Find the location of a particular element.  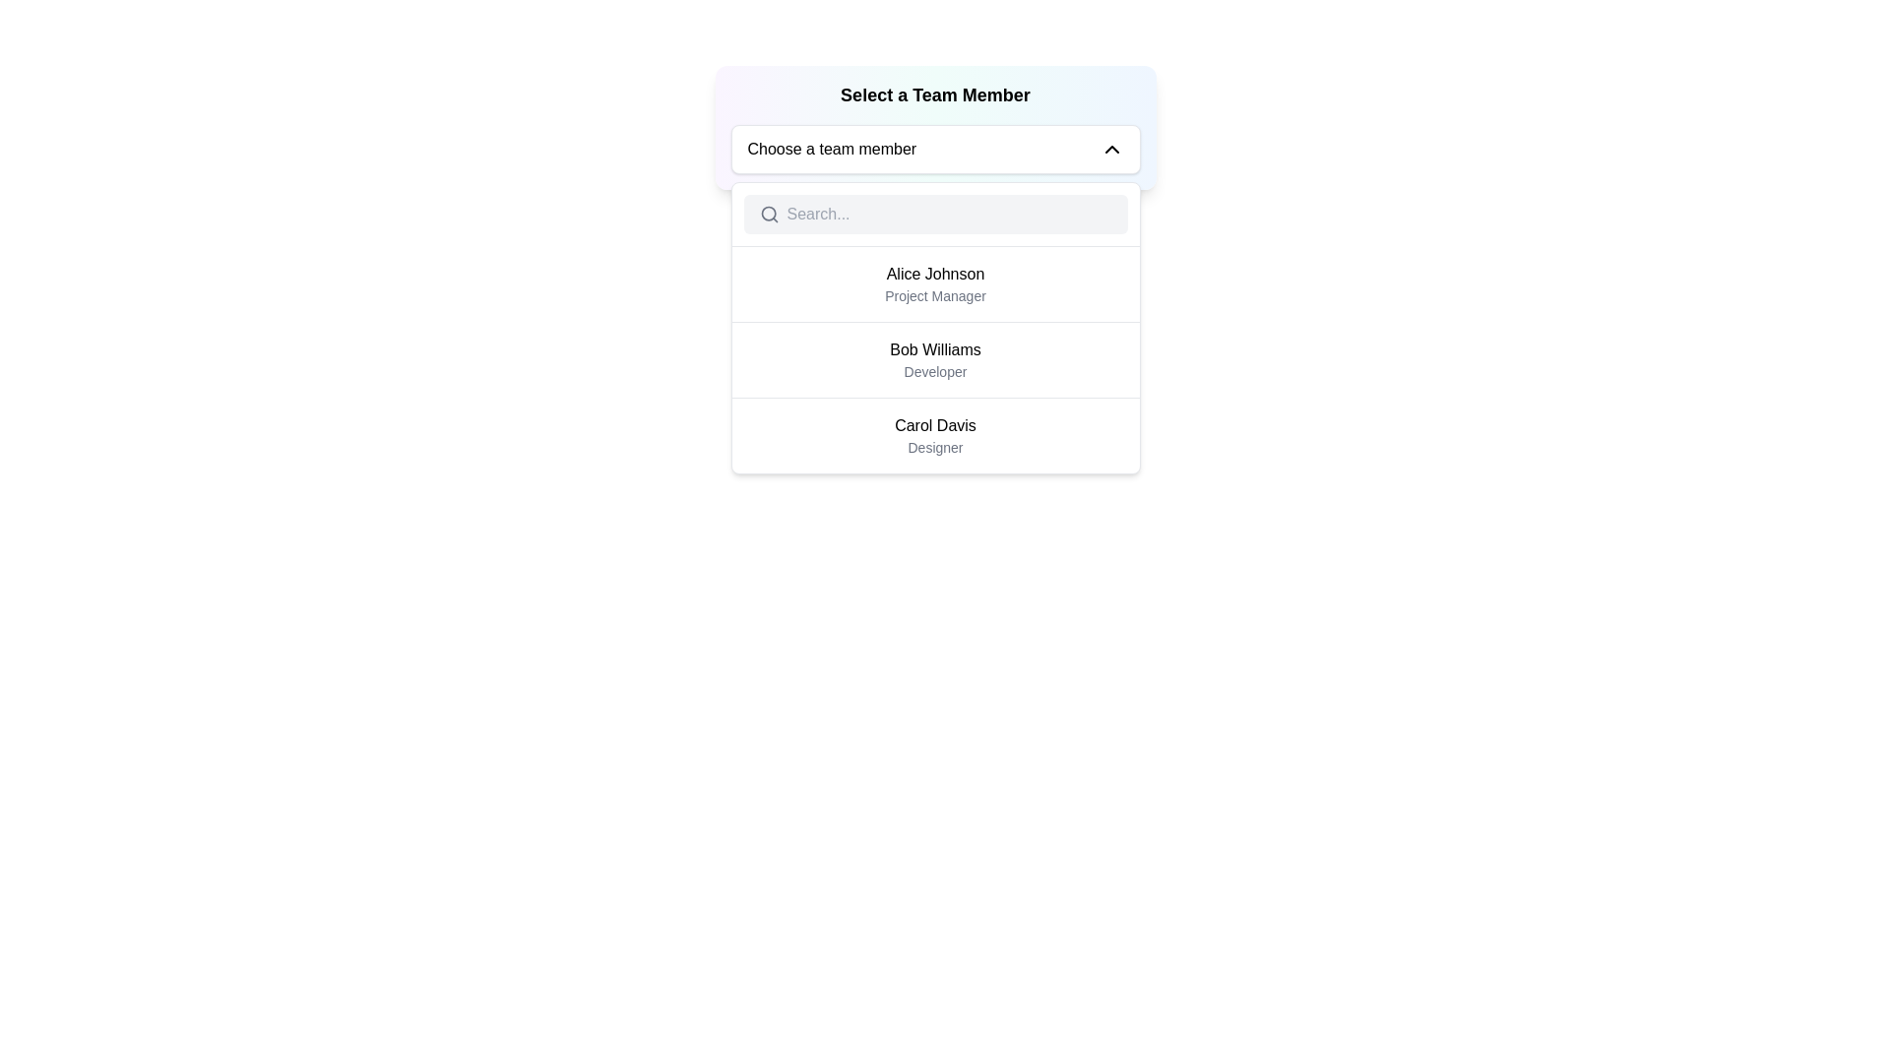

the dropdown menu item labeled 'Bob Williams' is located at coordinates (934, 327).